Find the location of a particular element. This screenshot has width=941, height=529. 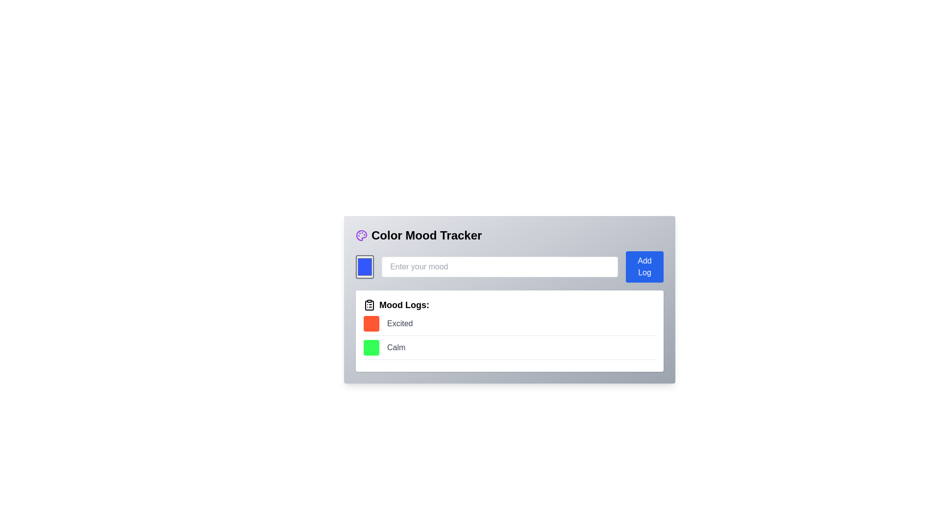

the static text label that serves as a section header for the mood logs, located under the 'Color Mood Tracker' header and accompanied by a clipboard icon is located at coordinates (404, 305).